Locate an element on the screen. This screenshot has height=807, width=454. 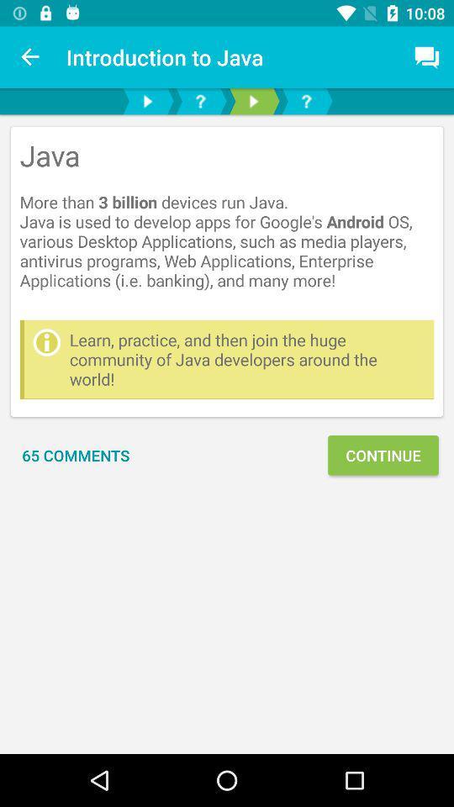
the item next to the introduction to java icon is located at coordinates (30, 57).